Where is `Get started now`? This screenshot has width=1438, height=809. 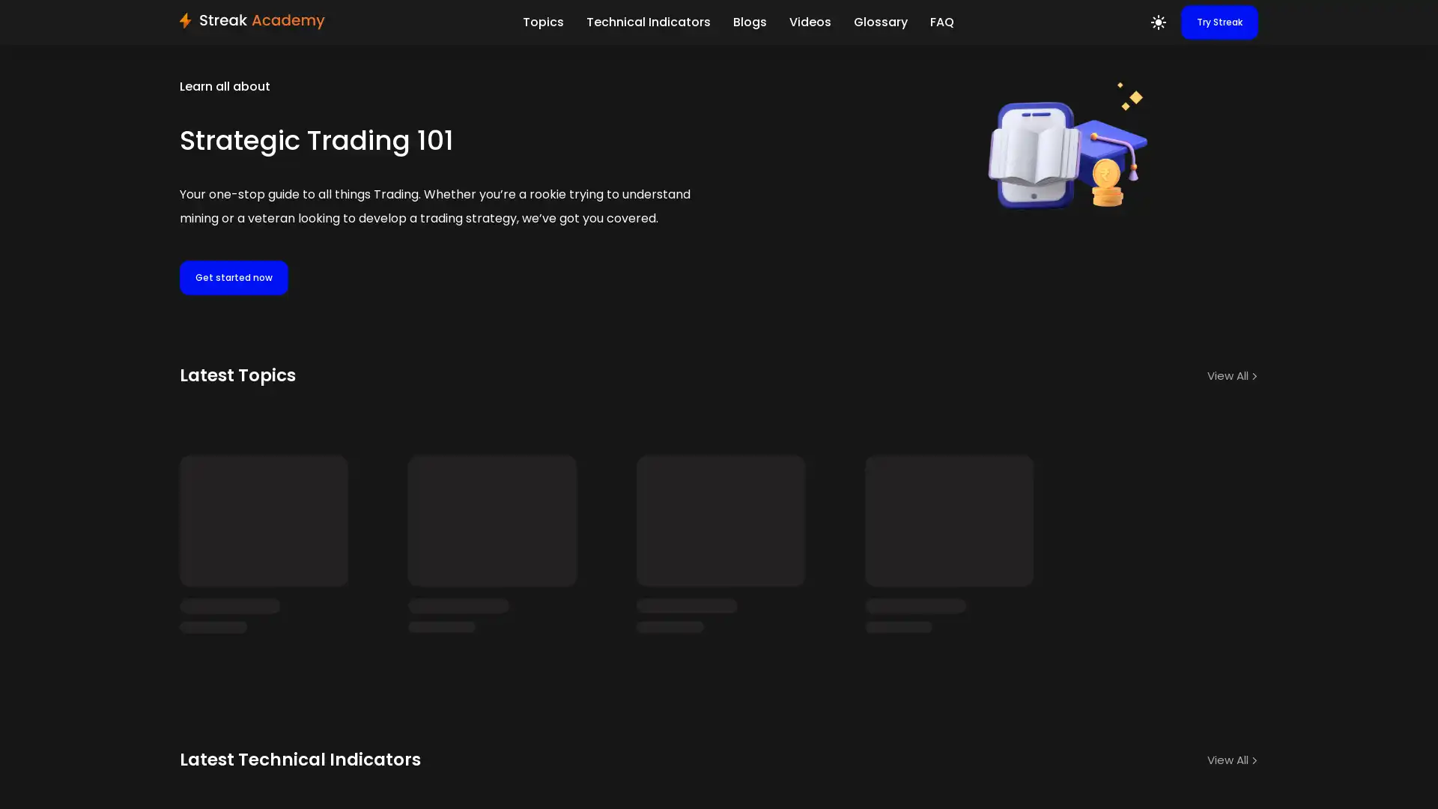
Get started now is located at coordinates (233, 277).